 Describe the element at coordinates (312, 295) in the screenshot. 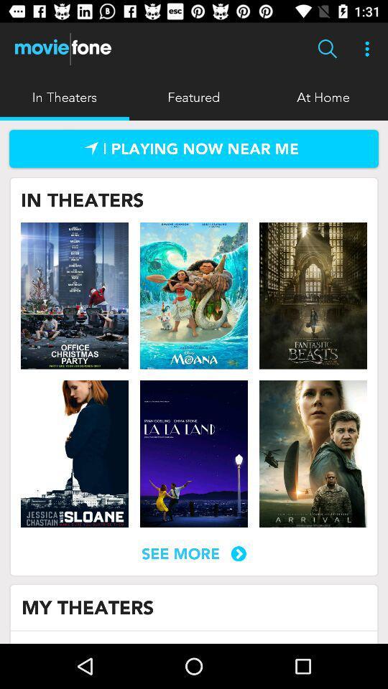

I see `movie listed` at that location.